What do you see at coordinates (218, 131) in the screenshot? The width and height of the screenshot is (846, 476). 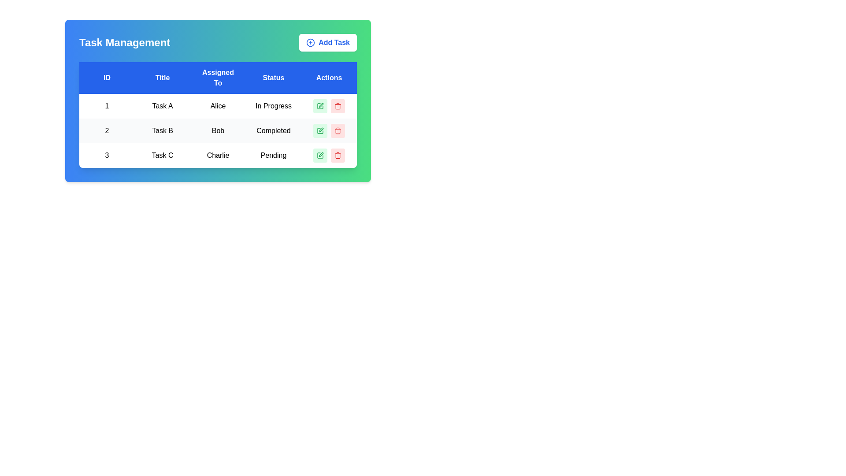 I see `the text label displaying the name 'Bob' in the third column of the second row in the 'Assigned To' section of the table within the 'Task Management' interface` at bounding box center [218, 131].